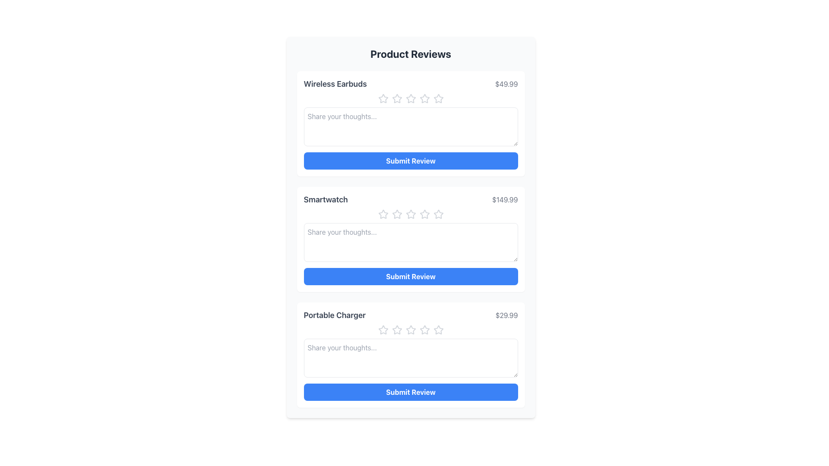  What do you see at coordinates (396, 214) in the screenshot?
I see `the second star icon in the five-star rating control for the 'Smartwatch' review section` at bounding box center [396, 214].